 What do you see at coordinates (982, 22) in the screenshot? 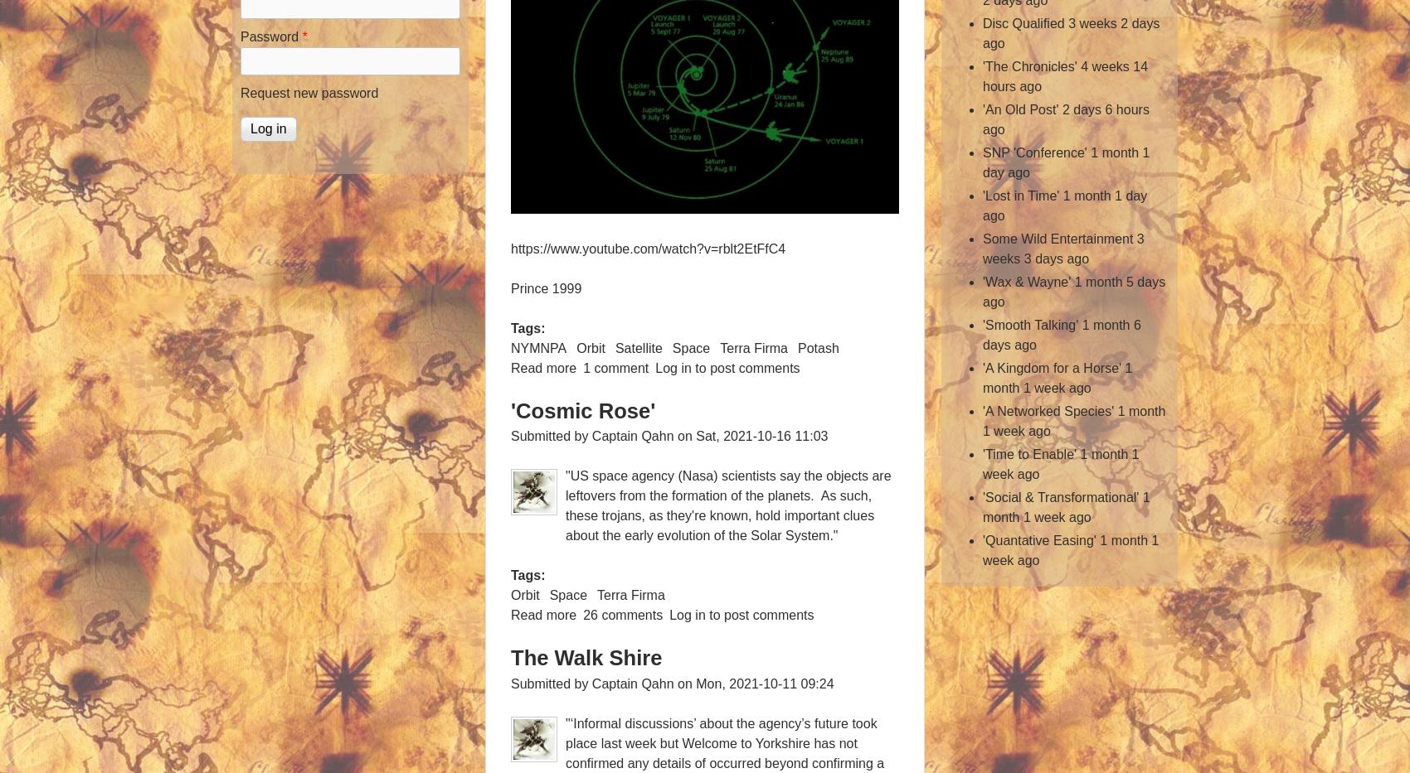
I see `'Disc Qualified'` at bounding box center [982, 22].